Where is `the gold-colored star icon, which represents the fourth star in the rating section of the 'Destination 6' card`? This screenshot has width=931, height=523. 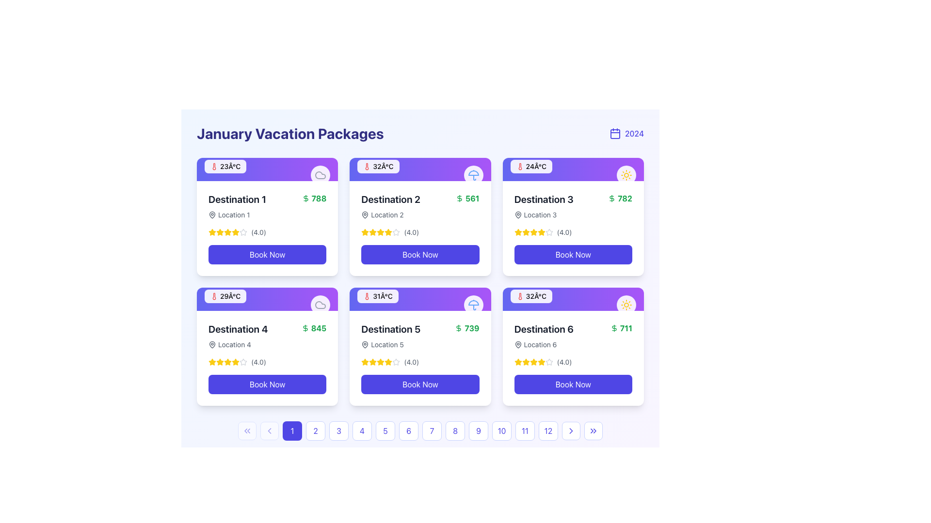
the gold-colored star icon, which represents the fourth star in the rating section of the 'Destination 6' card is located at coordinates (517, 362).